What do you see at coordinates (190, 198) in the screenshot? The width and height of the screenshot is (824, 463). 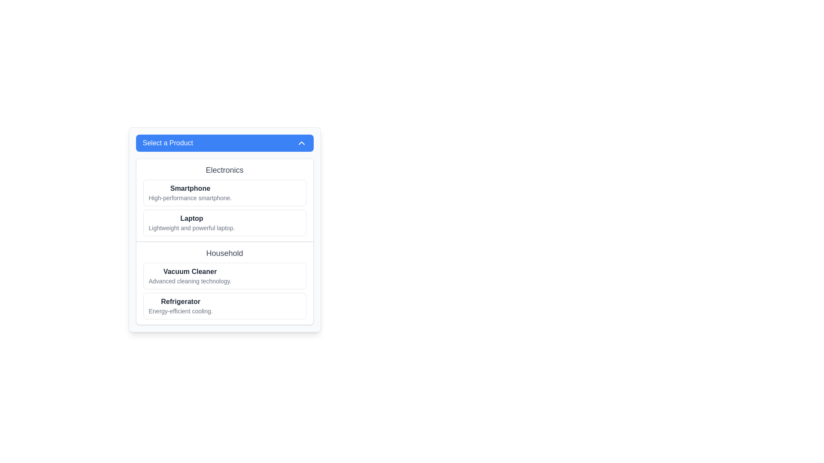 I see `the descriptive text label located beneath the bold text 'Smartphone' in the 'Electronics' section of the selection panel` at bounding box center [190, 198].